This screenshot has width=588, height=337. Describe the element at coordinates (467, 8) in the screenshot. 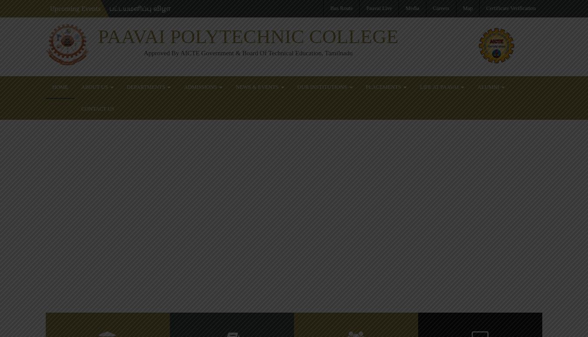

I see `'Map'` at that location.